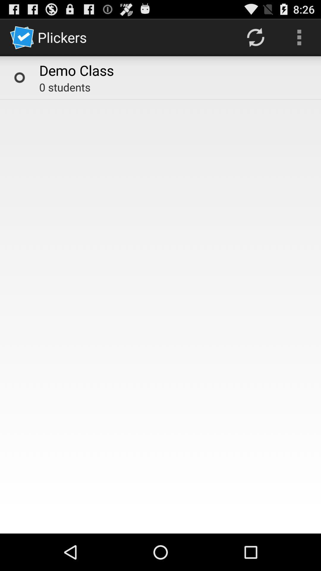 Image resolution: width=321 pixels, height=571 pixels. I want to click on the app next to demo class icon, so click(19, 77).